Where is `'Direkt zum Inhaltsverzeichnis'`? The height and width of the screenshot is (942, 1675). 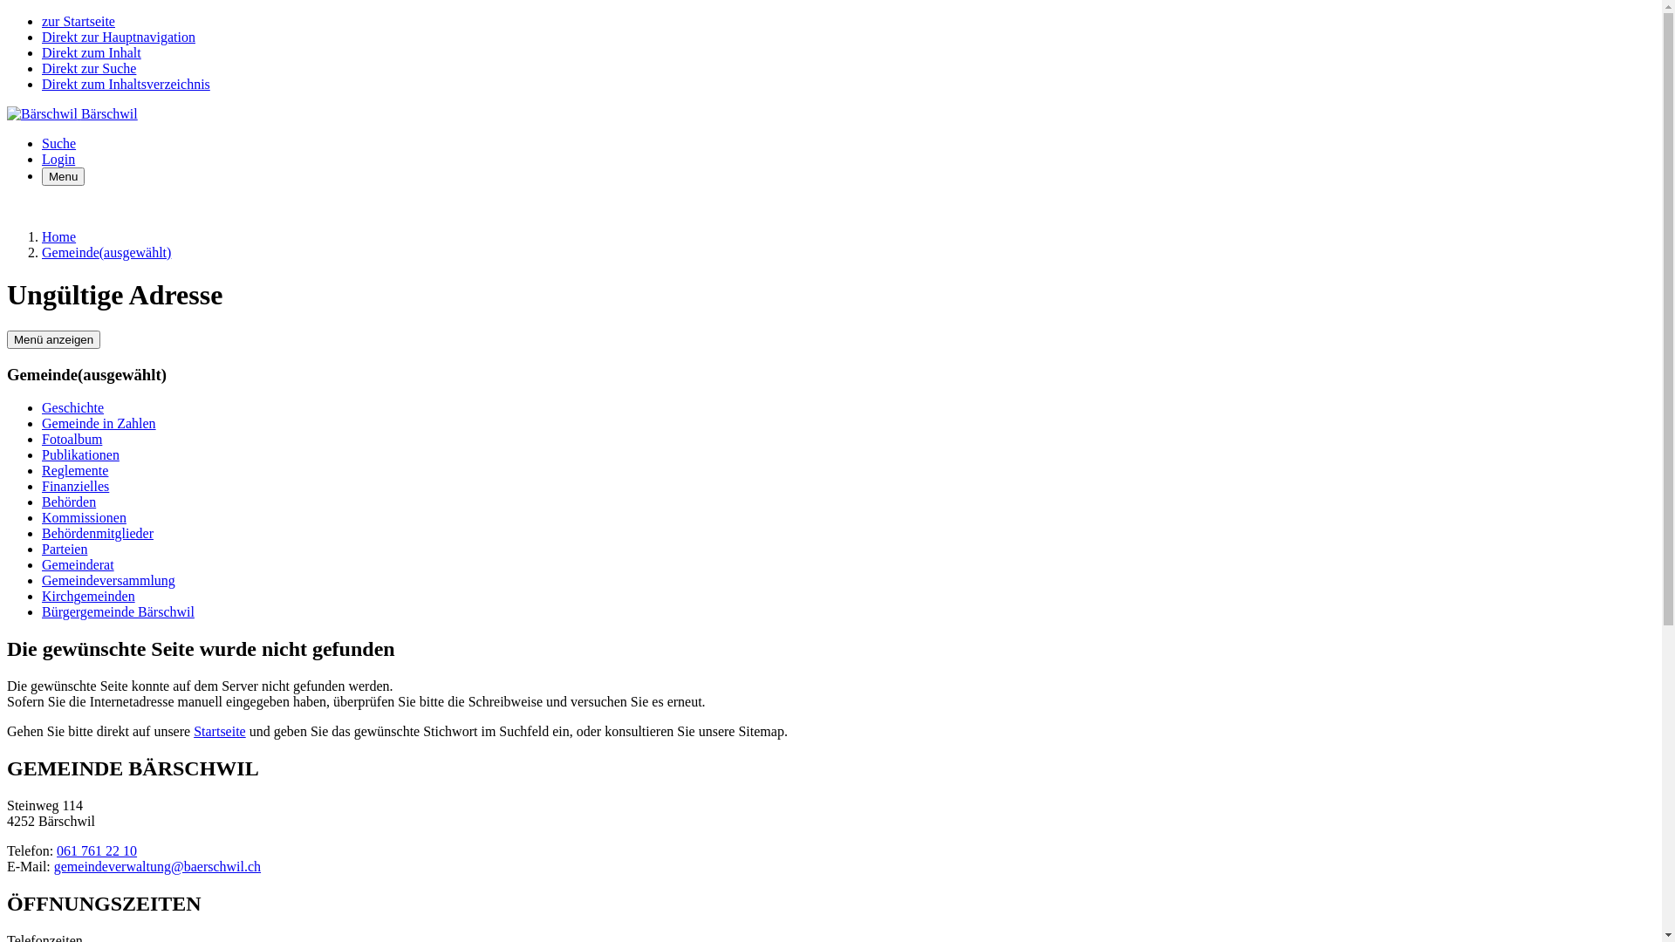 'Direkt zum Inhaltsverzeichnis' is located at coordinates (125, 84).